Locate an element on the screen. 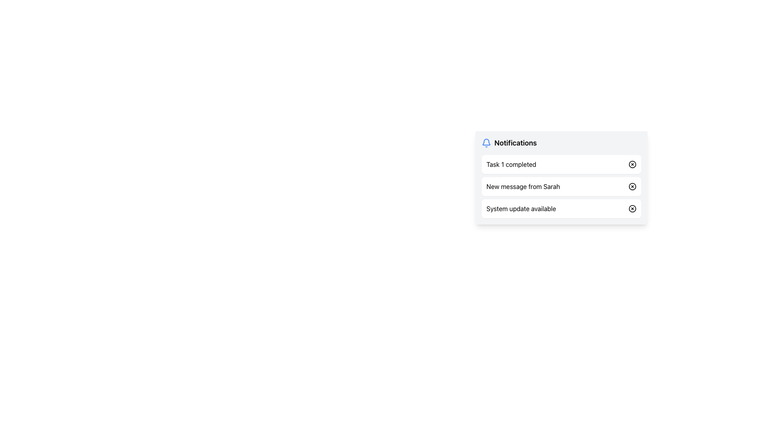 The width and height of the screenshot is (760, 427). circular part of the 'X' icon located in the second notification entry of the notification panel, which has a black outline and is aligned with the center of the entry is located at coordinates (632, 186).